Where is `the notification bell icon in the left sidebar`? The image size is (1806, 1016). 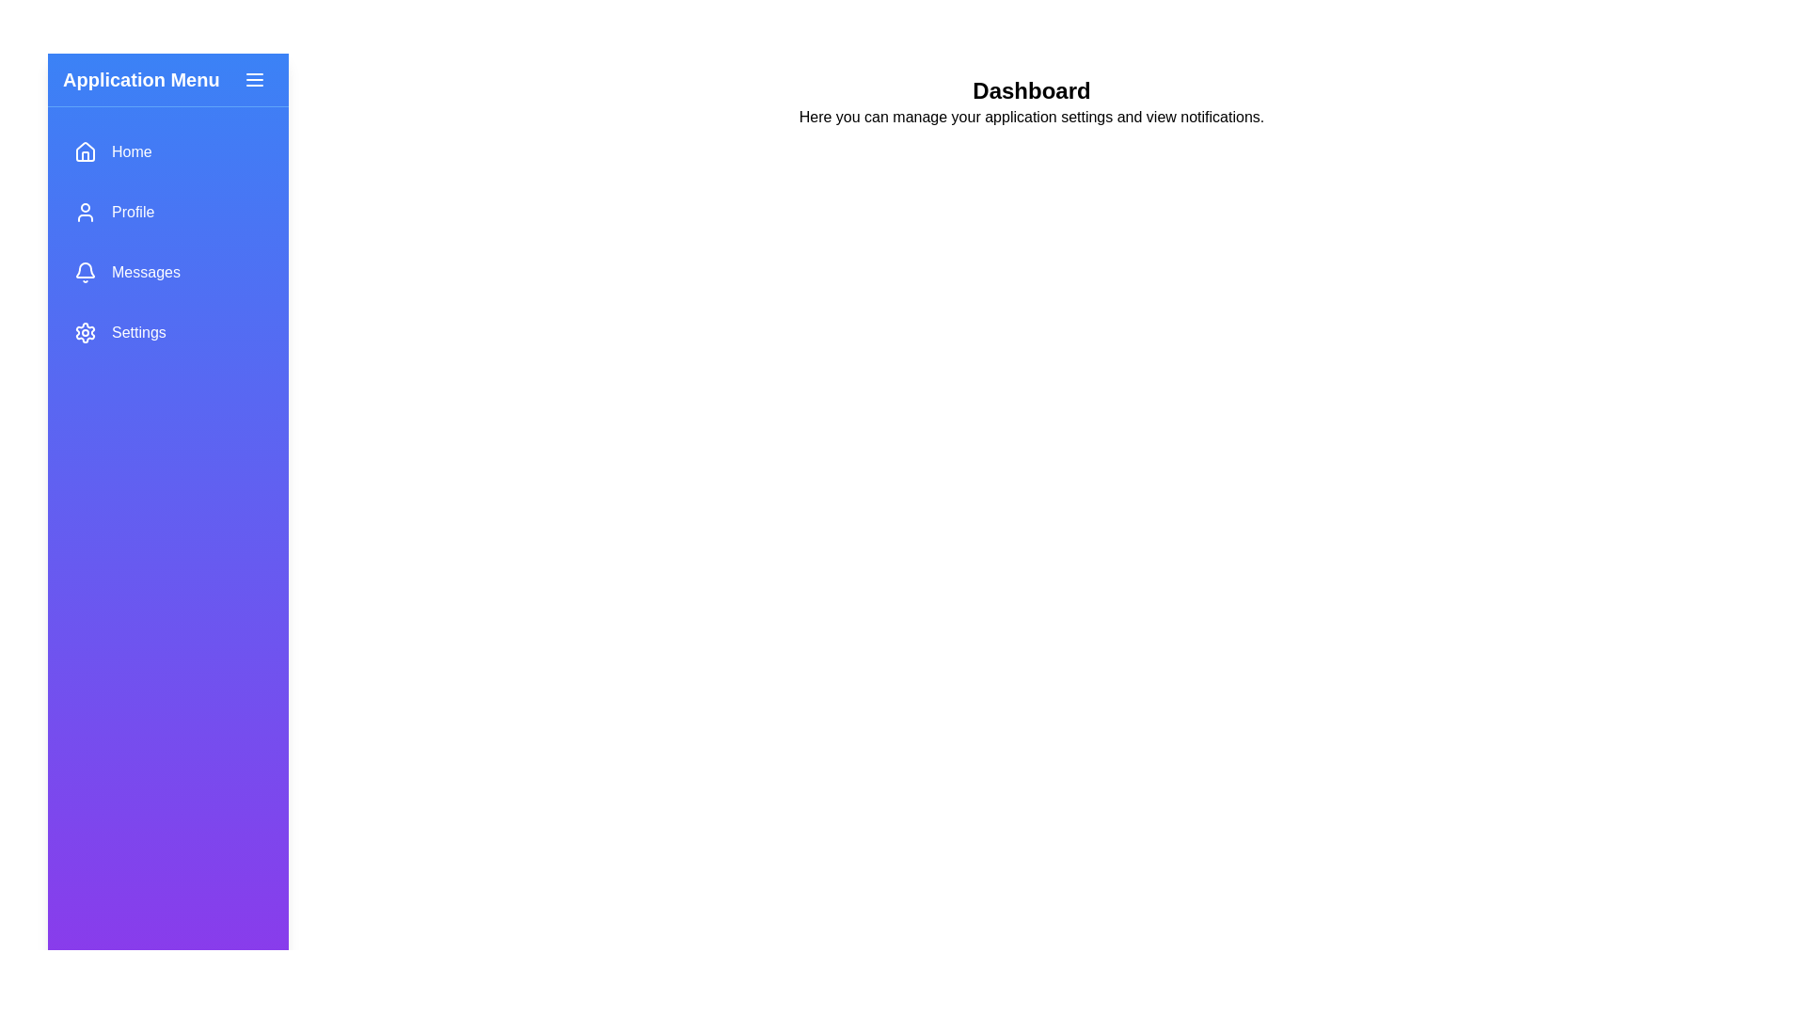
the notification bell icon in the left sidebar is located at coordinates (85, 272).